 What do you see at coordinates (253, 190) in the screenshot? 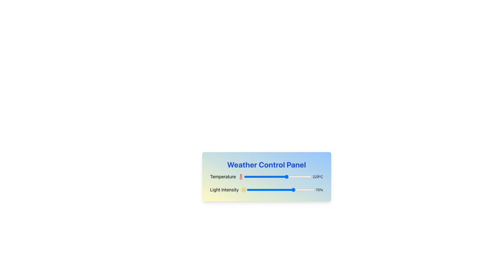
I see `light intensity` at bounding box center [253, 190].